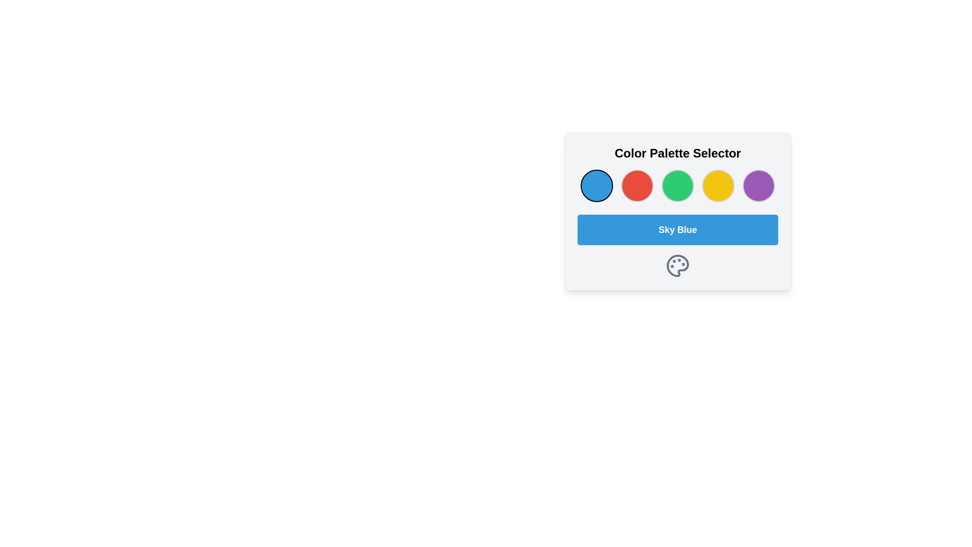 The height and width of the screenshot is (547, 972). Describe the element at coordinates (678, 265) in the screenshot. I see `the palette icon, which is a graphical representation resembling a palette with a gray outline and small circular paint spots, located at the bottom of the 'Color Palette Selector' interface` at that location.